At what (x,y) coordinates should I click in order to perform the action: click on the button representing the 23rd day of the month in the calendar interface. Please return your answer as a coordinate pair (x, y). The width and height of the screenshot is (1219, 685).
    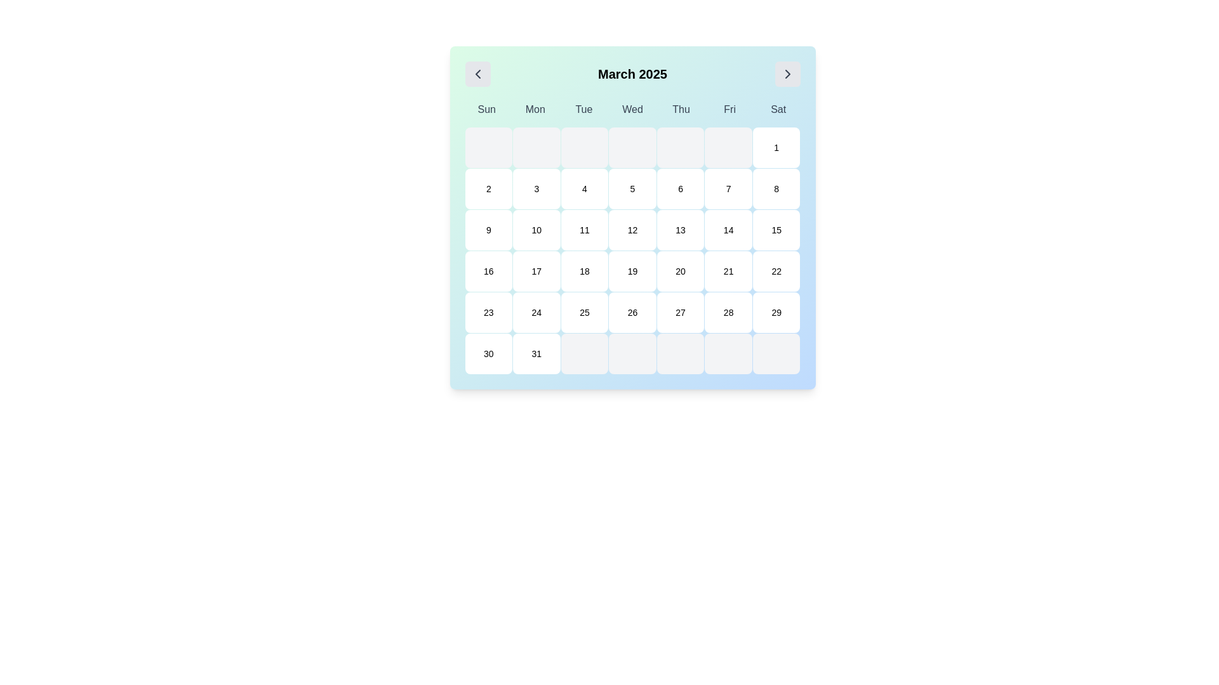
    Looking at the image, I should click on (488, 313).